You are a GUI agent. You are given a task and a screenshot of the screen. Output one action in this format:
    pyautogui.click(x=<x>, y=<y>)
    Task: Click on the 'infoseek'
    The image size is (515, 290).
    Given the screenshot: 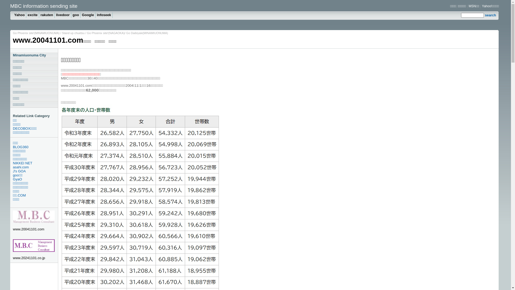 What is the action you would take?
    pyautogui.click(x=104, y=15)
    